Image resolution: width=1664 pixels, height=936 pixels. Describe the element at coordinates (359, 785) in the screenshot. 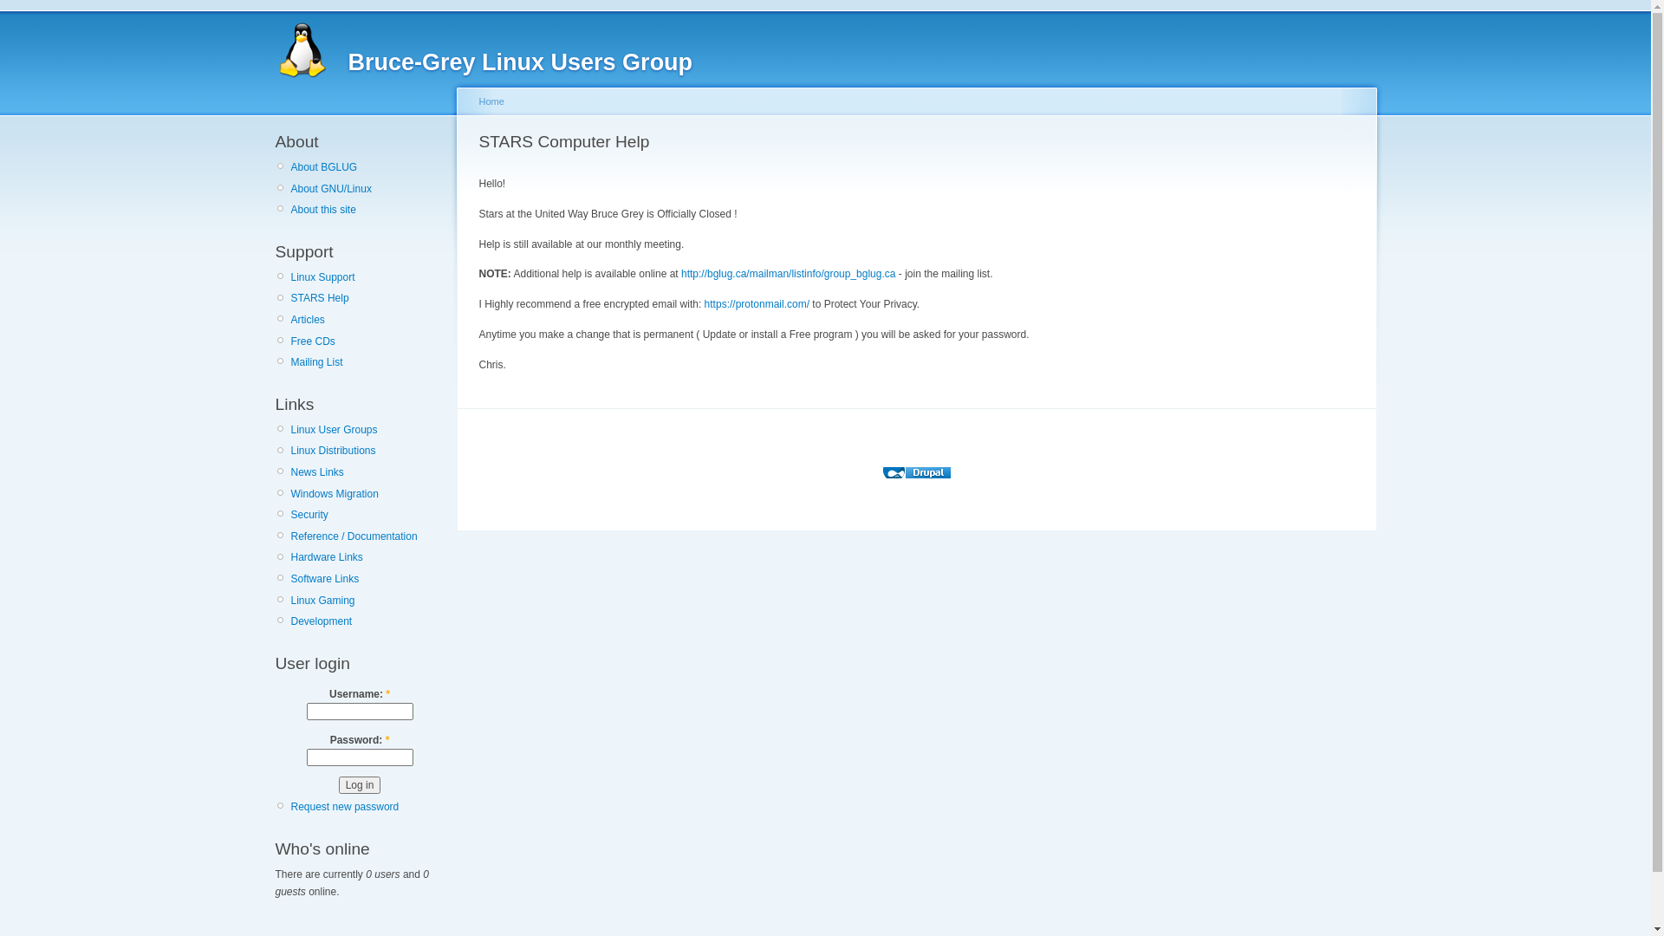

I see `'Log in'` at that location.